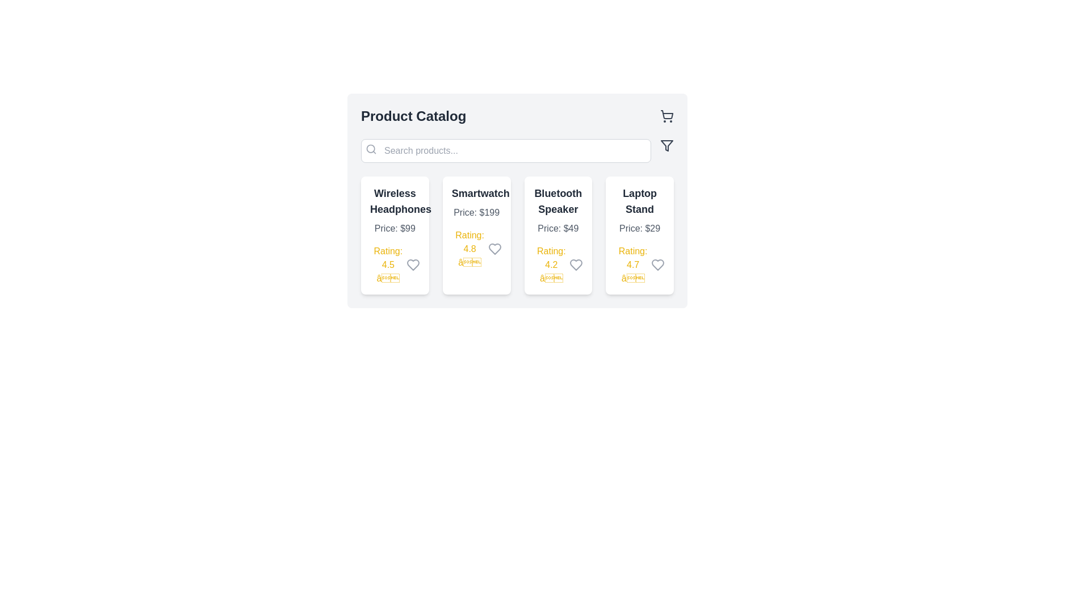  I want to click on the 'favorite' or 'like' button located immediately to the right of the '4.5 ★' text within the 'Wireless Headphones' product card, so click(412, 264).